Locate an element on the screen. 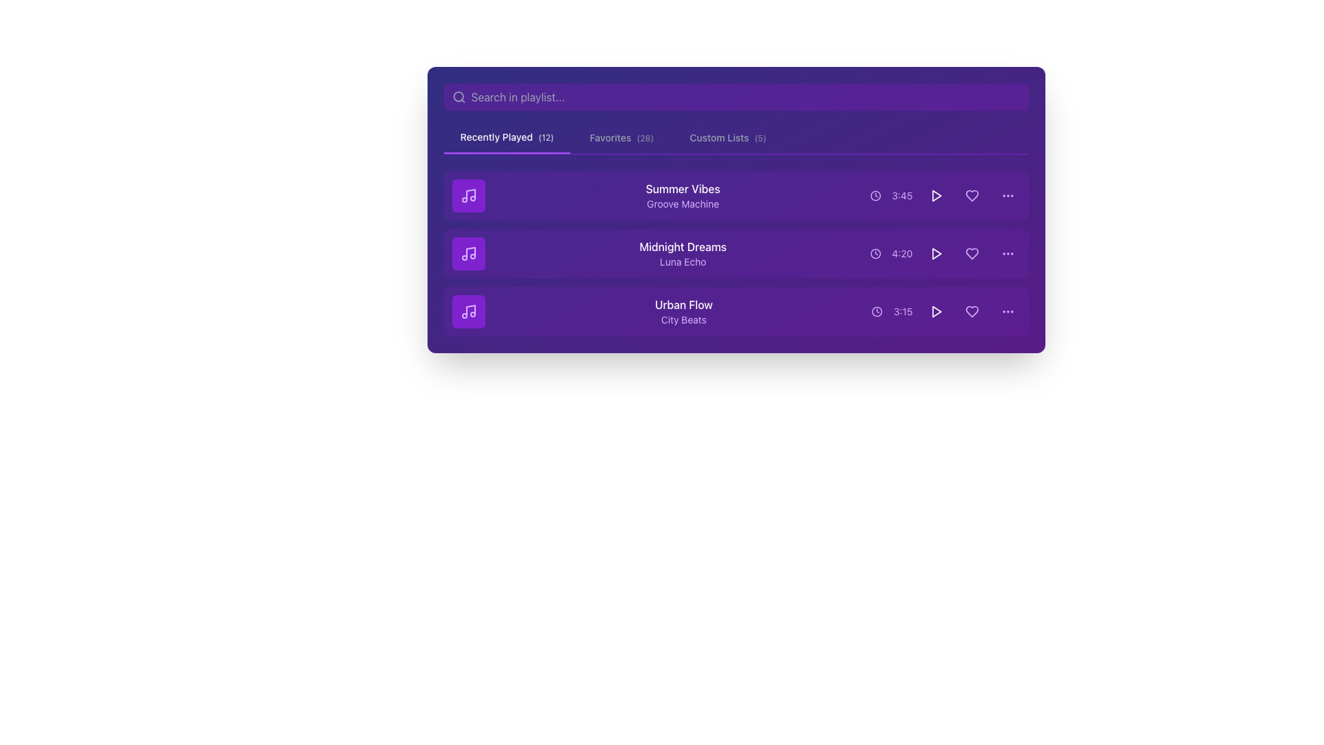 Image resolution: width=1324 pixels, height=745 pixels. the circular SVG component that is part of the search icon located in the top-left corner of the search bar is located at coordinates (458, 96).